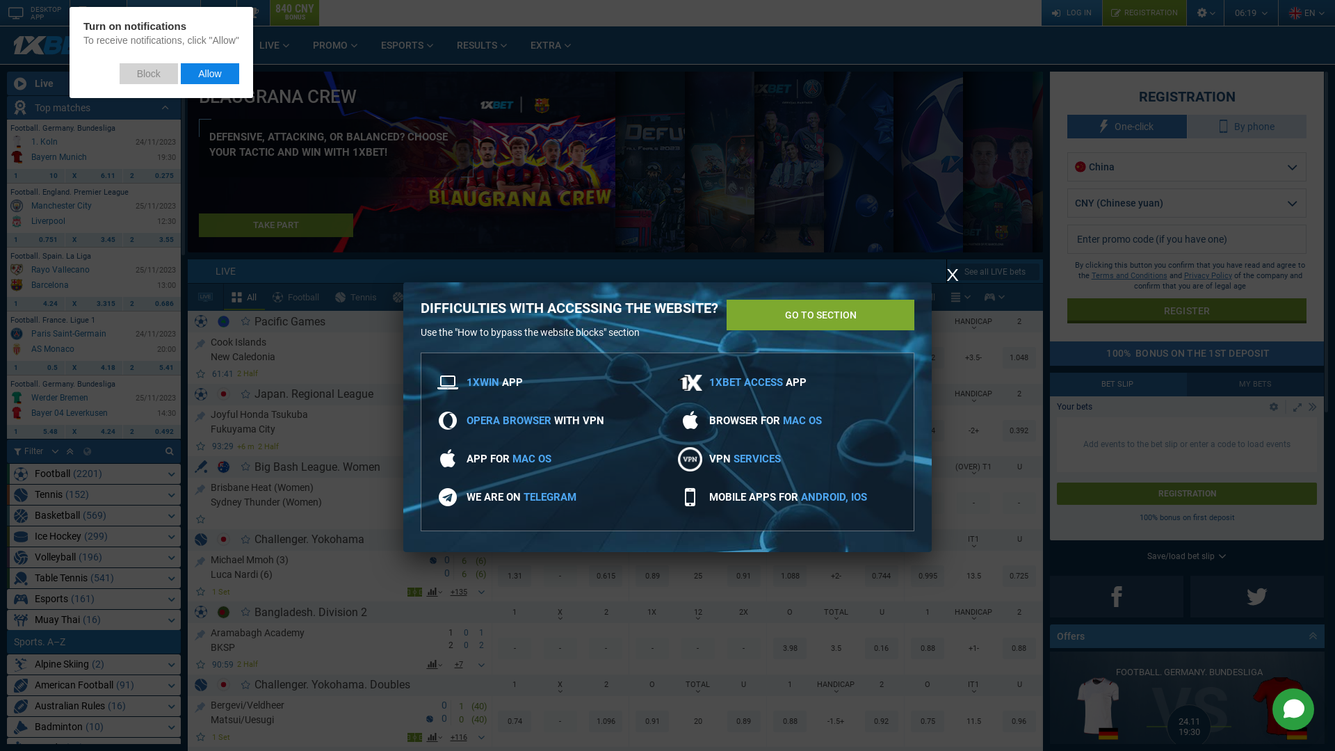  Describe the element at coordinates (165, 106) in the screenshot. I see `'Collapse/Expand all'` at that location.